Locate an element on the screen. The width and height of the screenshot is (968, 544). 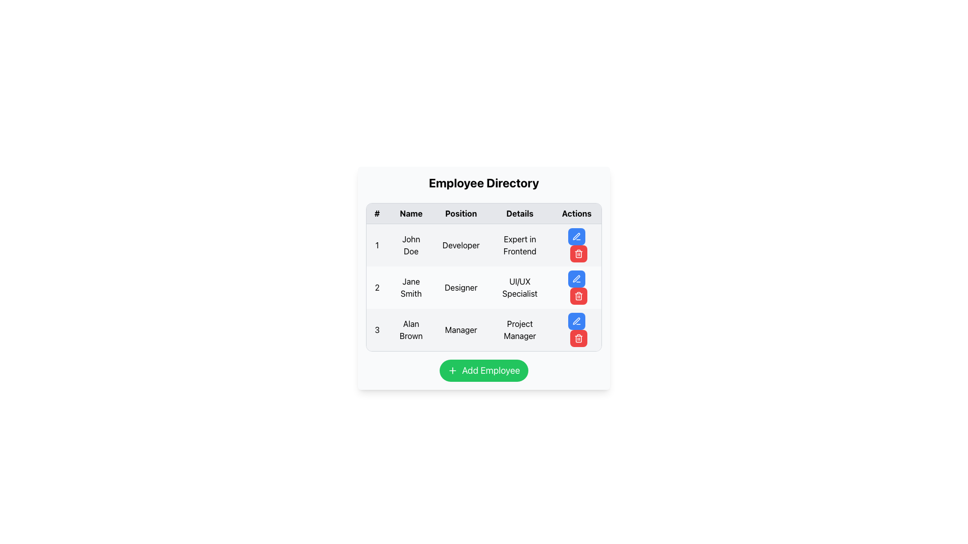
the Edit icon located in the Actions column of the table for Jane Smith is located at coordinates (576, 279).